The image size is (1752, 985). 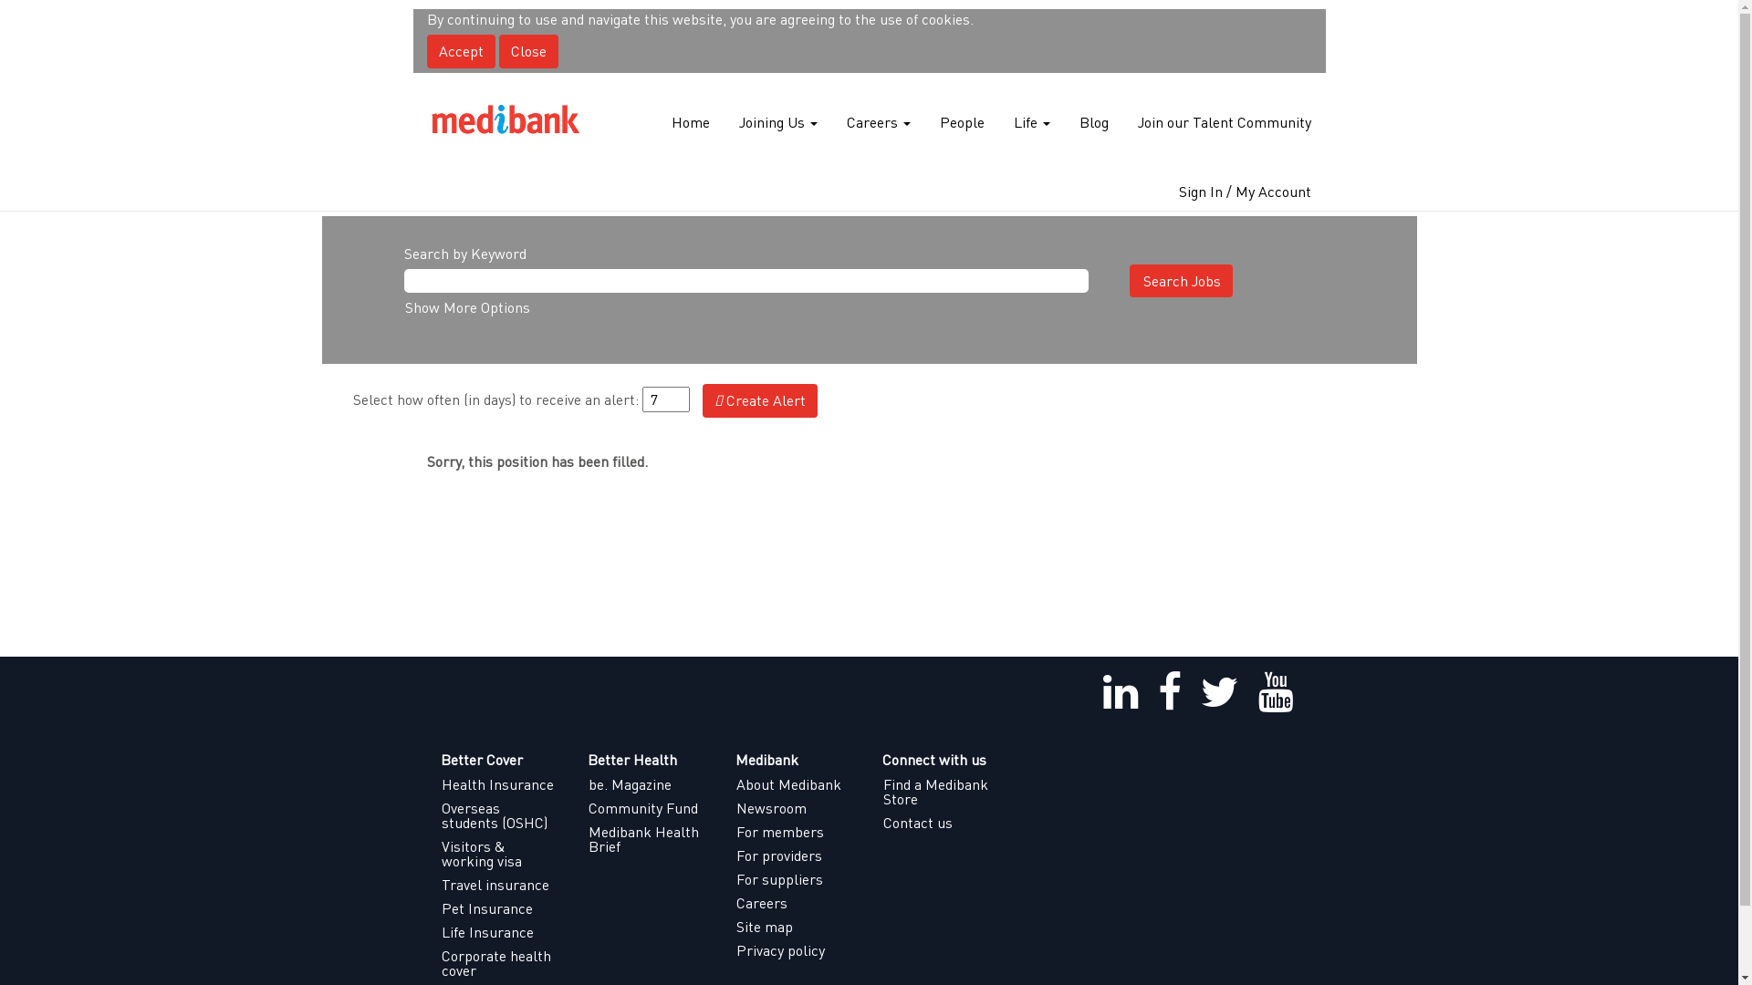 I want to click on 'Overseas students (OSHC)', so click(x=499, y=814).